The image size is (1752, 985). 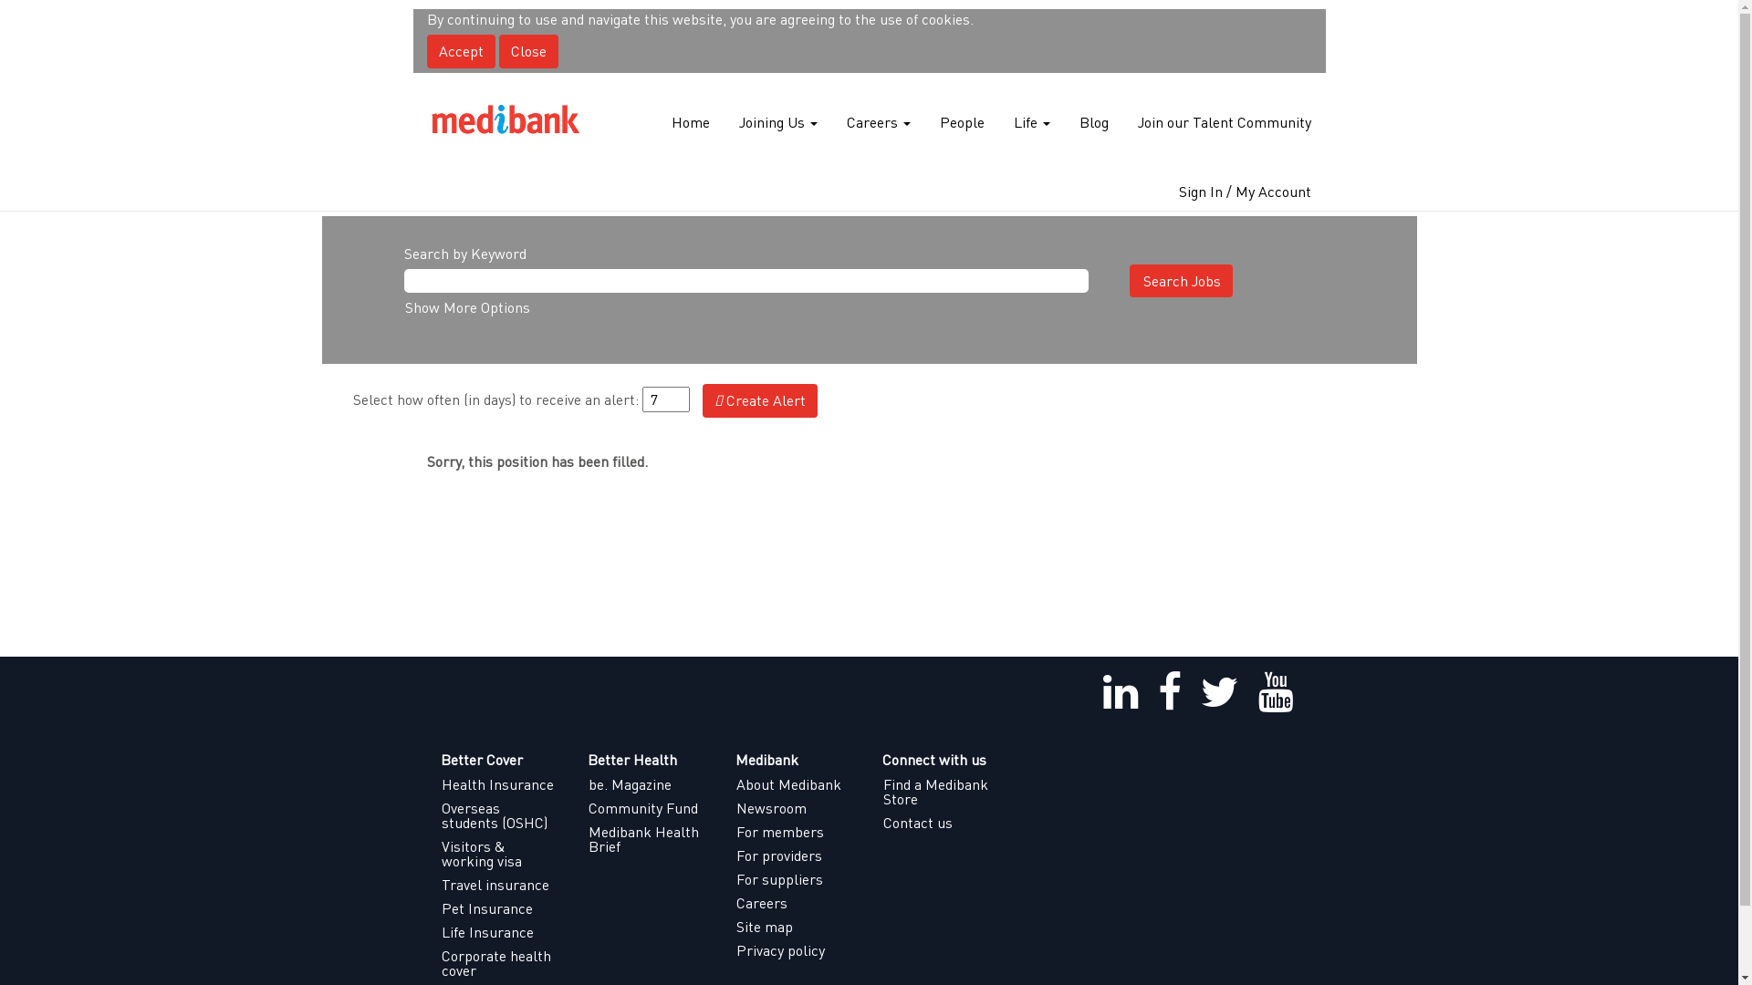 I want to click on 'Overseas students (OSHC)', so click(x=499, y=814).